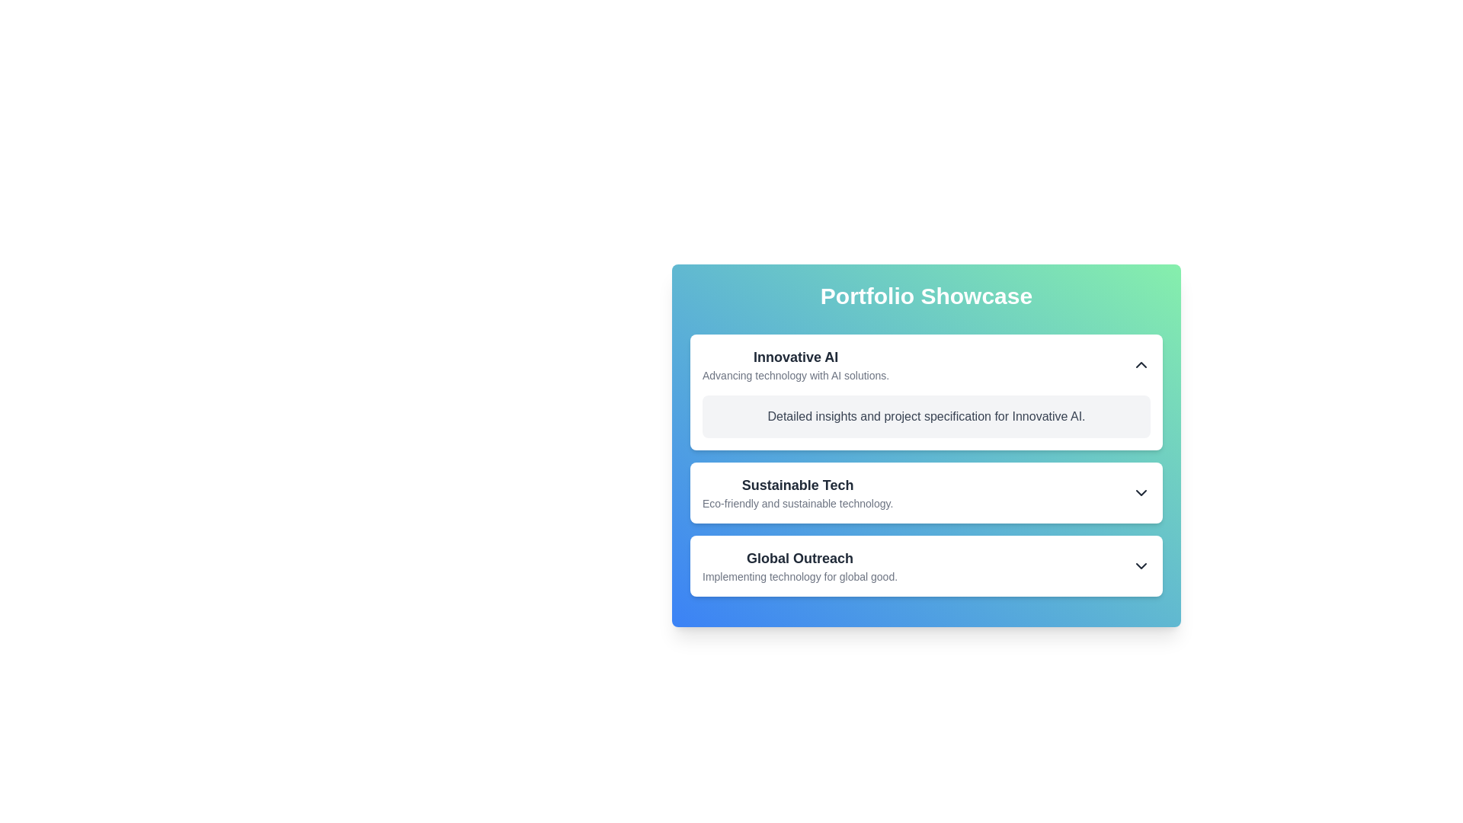 The image size is (1463, 823). Describe the element at coordinates (799, 576) in the screenshot. I see `descriptive text block that says 'Implementing technology for global good.' located below the bold text 'Global Outreach.'` at that location.